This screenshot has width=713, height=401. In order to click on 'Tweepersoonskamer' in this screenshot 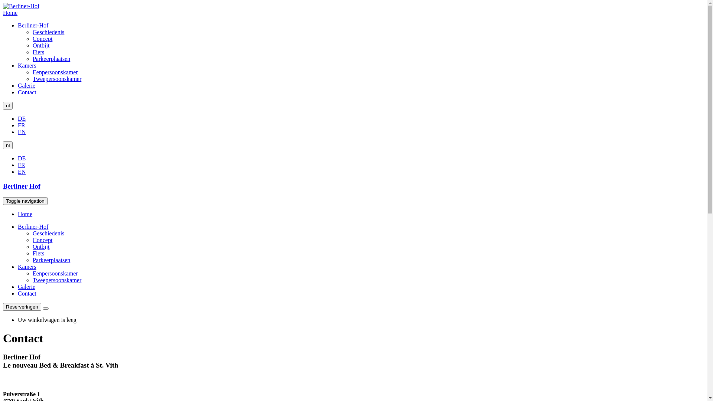, I will do `click(56, 280)`.